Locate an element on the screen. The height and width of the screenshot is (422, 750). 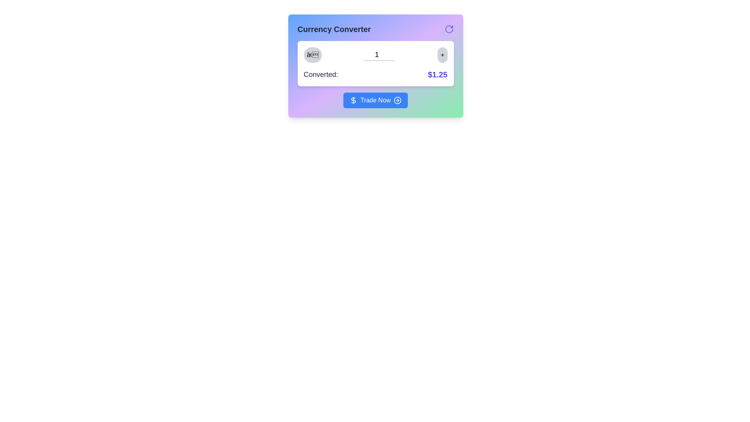
the blue rectangular button with rounded corners that reads 'Trade Now' is located at coordinates (375, 100).